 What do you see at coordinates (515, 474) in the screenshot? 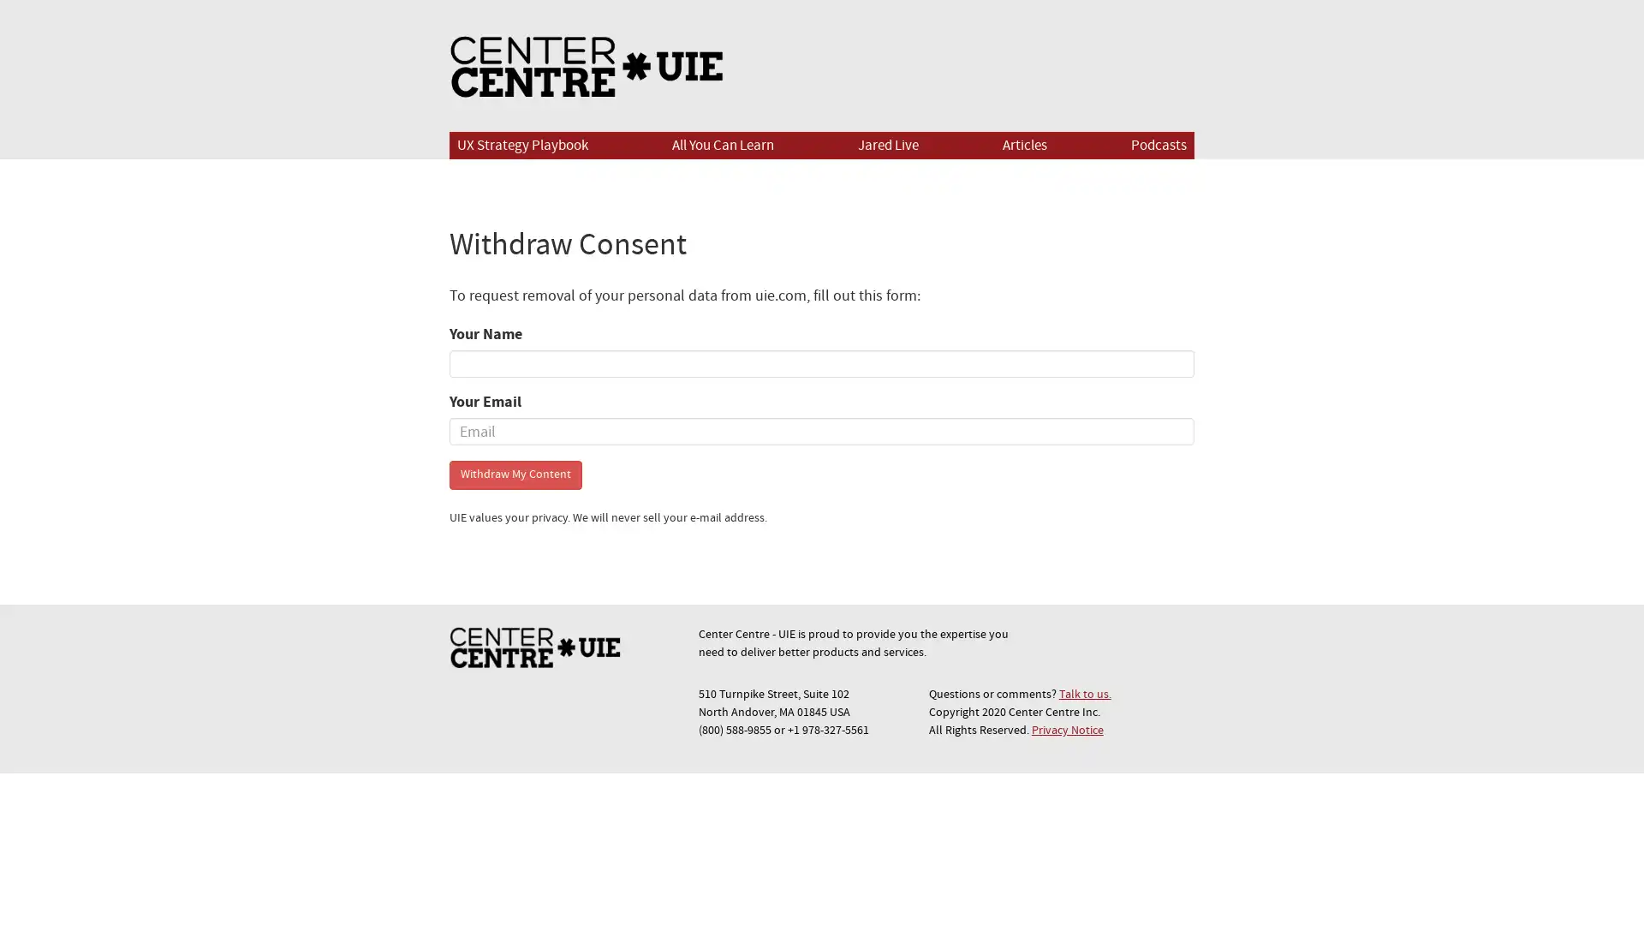
I see `Withdraw My Content` at bounding box center [515, 474].